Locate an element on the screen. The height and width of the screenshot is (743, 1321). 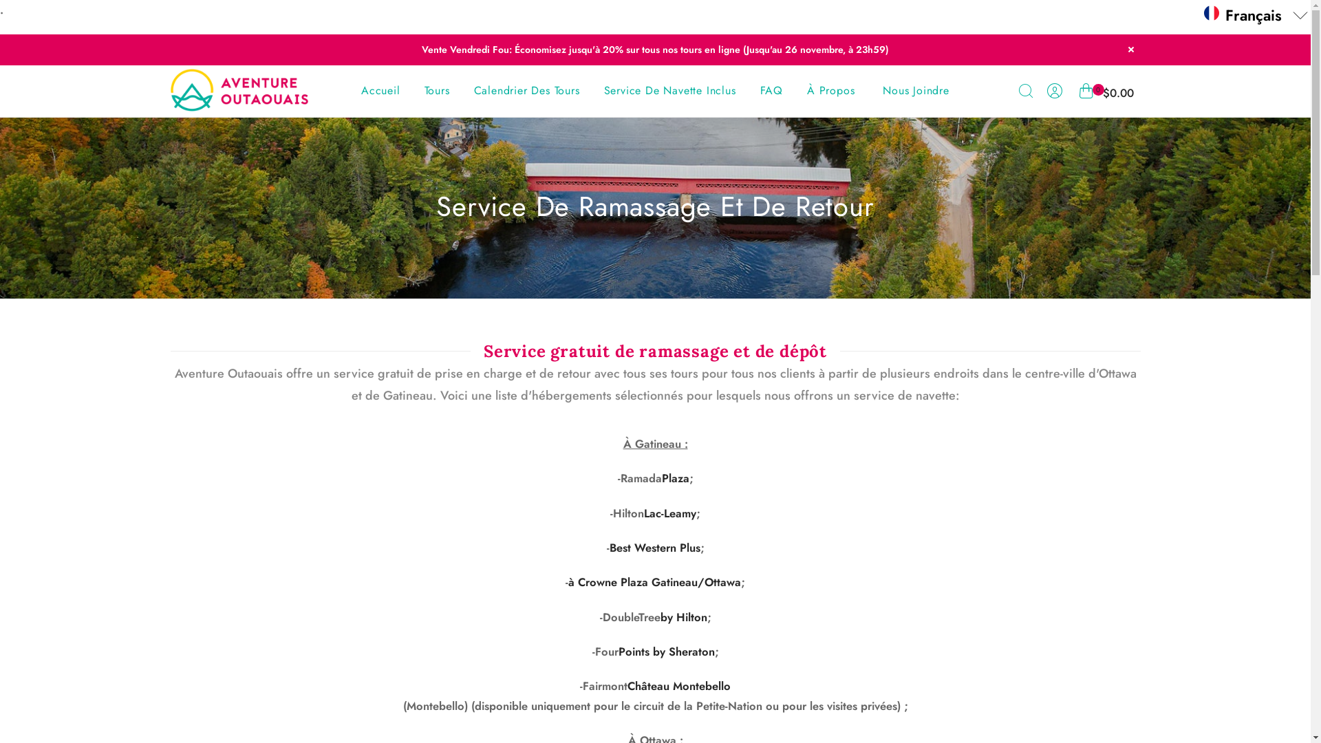
'Points by Sheraton' is located at coordinates (666, 651).